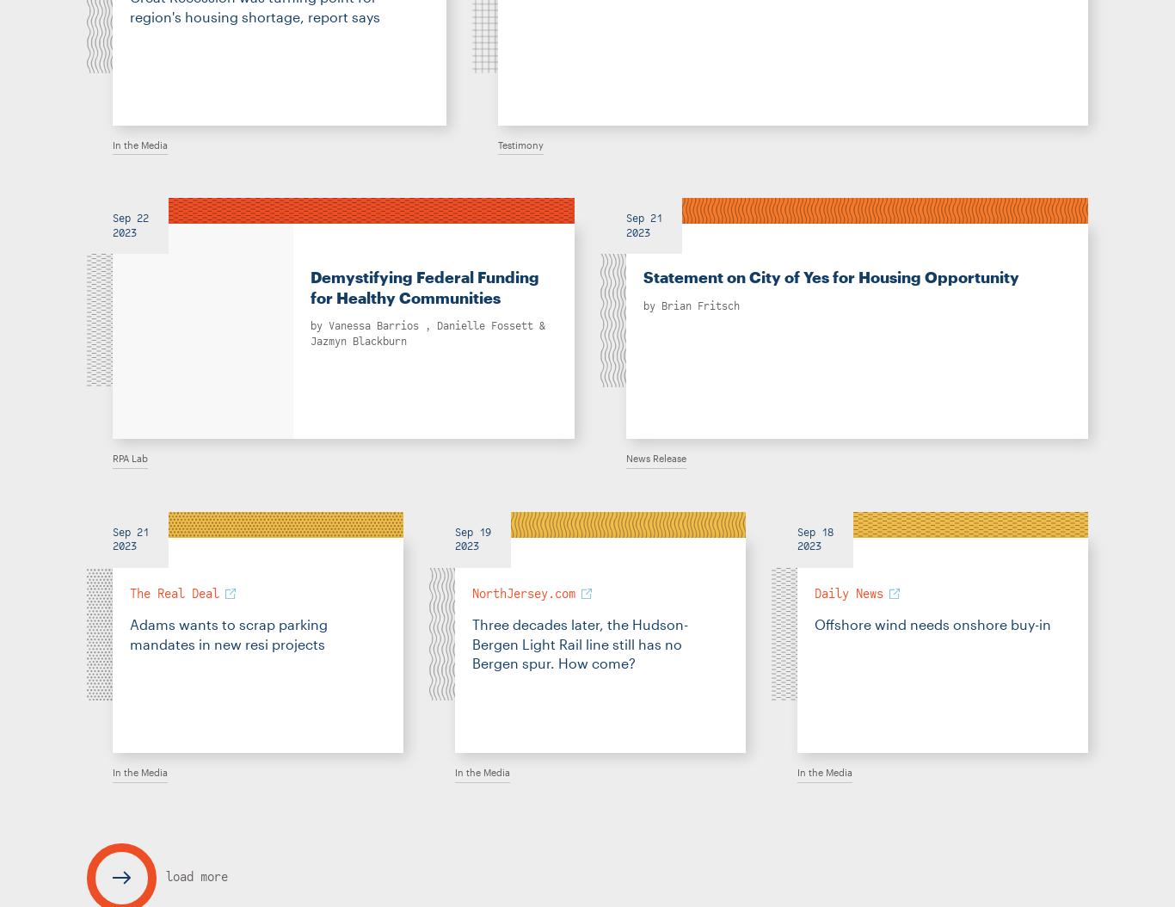 The image size is (1175, 907). Describe the element at coordinates (656, 458) in the screenshot. I see `'News Release'` at that location.